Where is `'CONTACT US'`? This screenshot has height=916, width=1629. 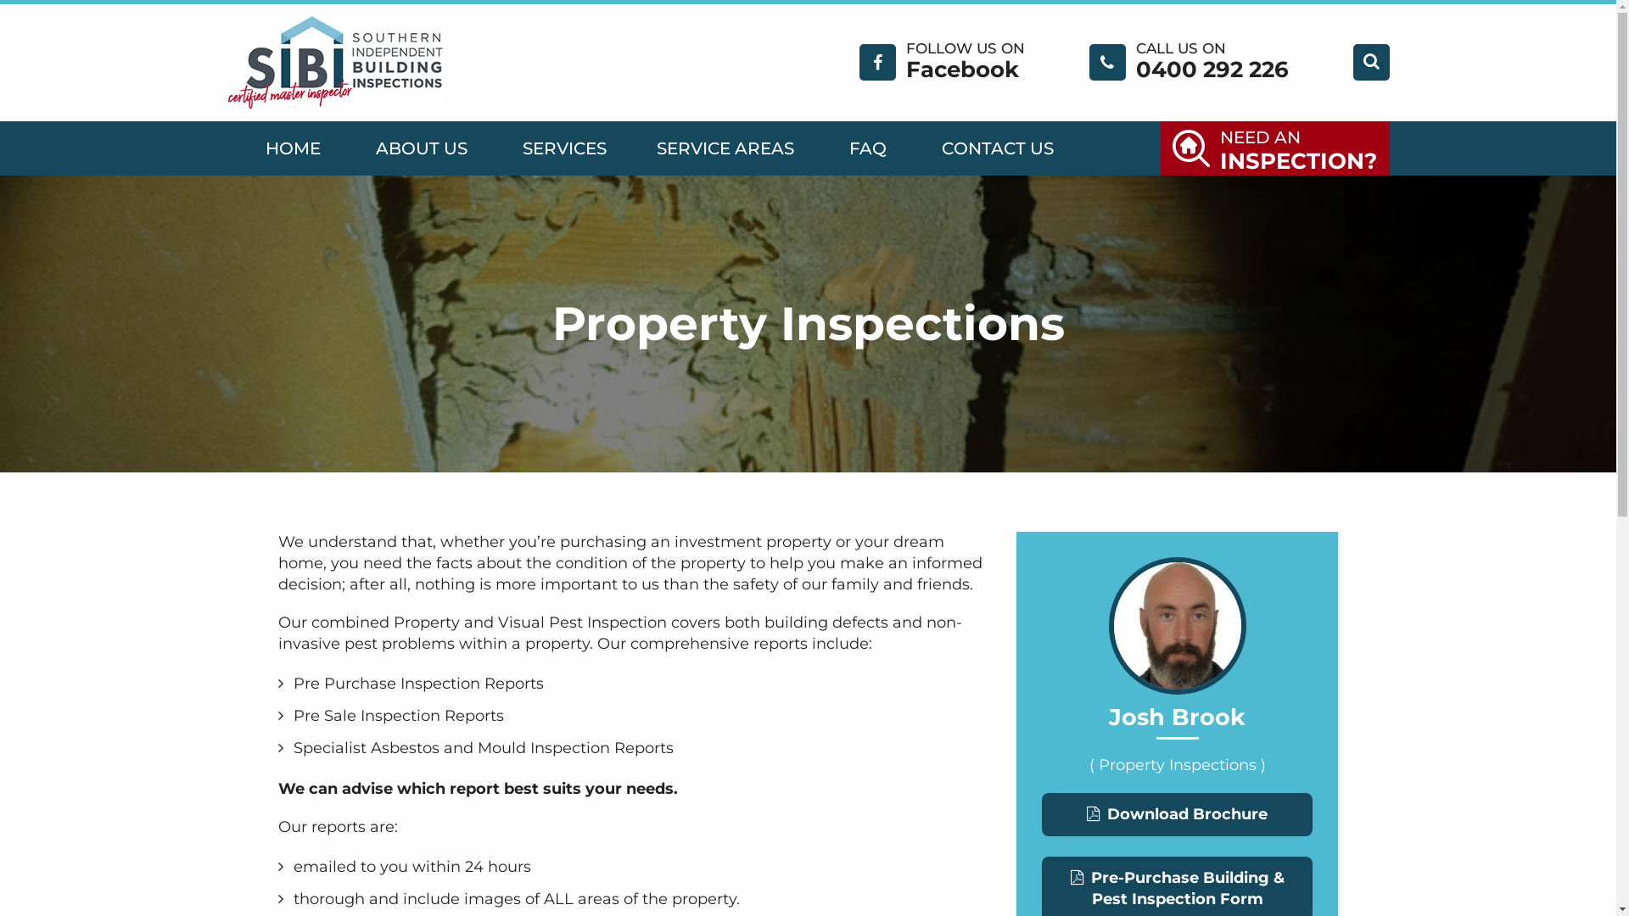
'CONTACT US' is located at coordinates (998, 147).